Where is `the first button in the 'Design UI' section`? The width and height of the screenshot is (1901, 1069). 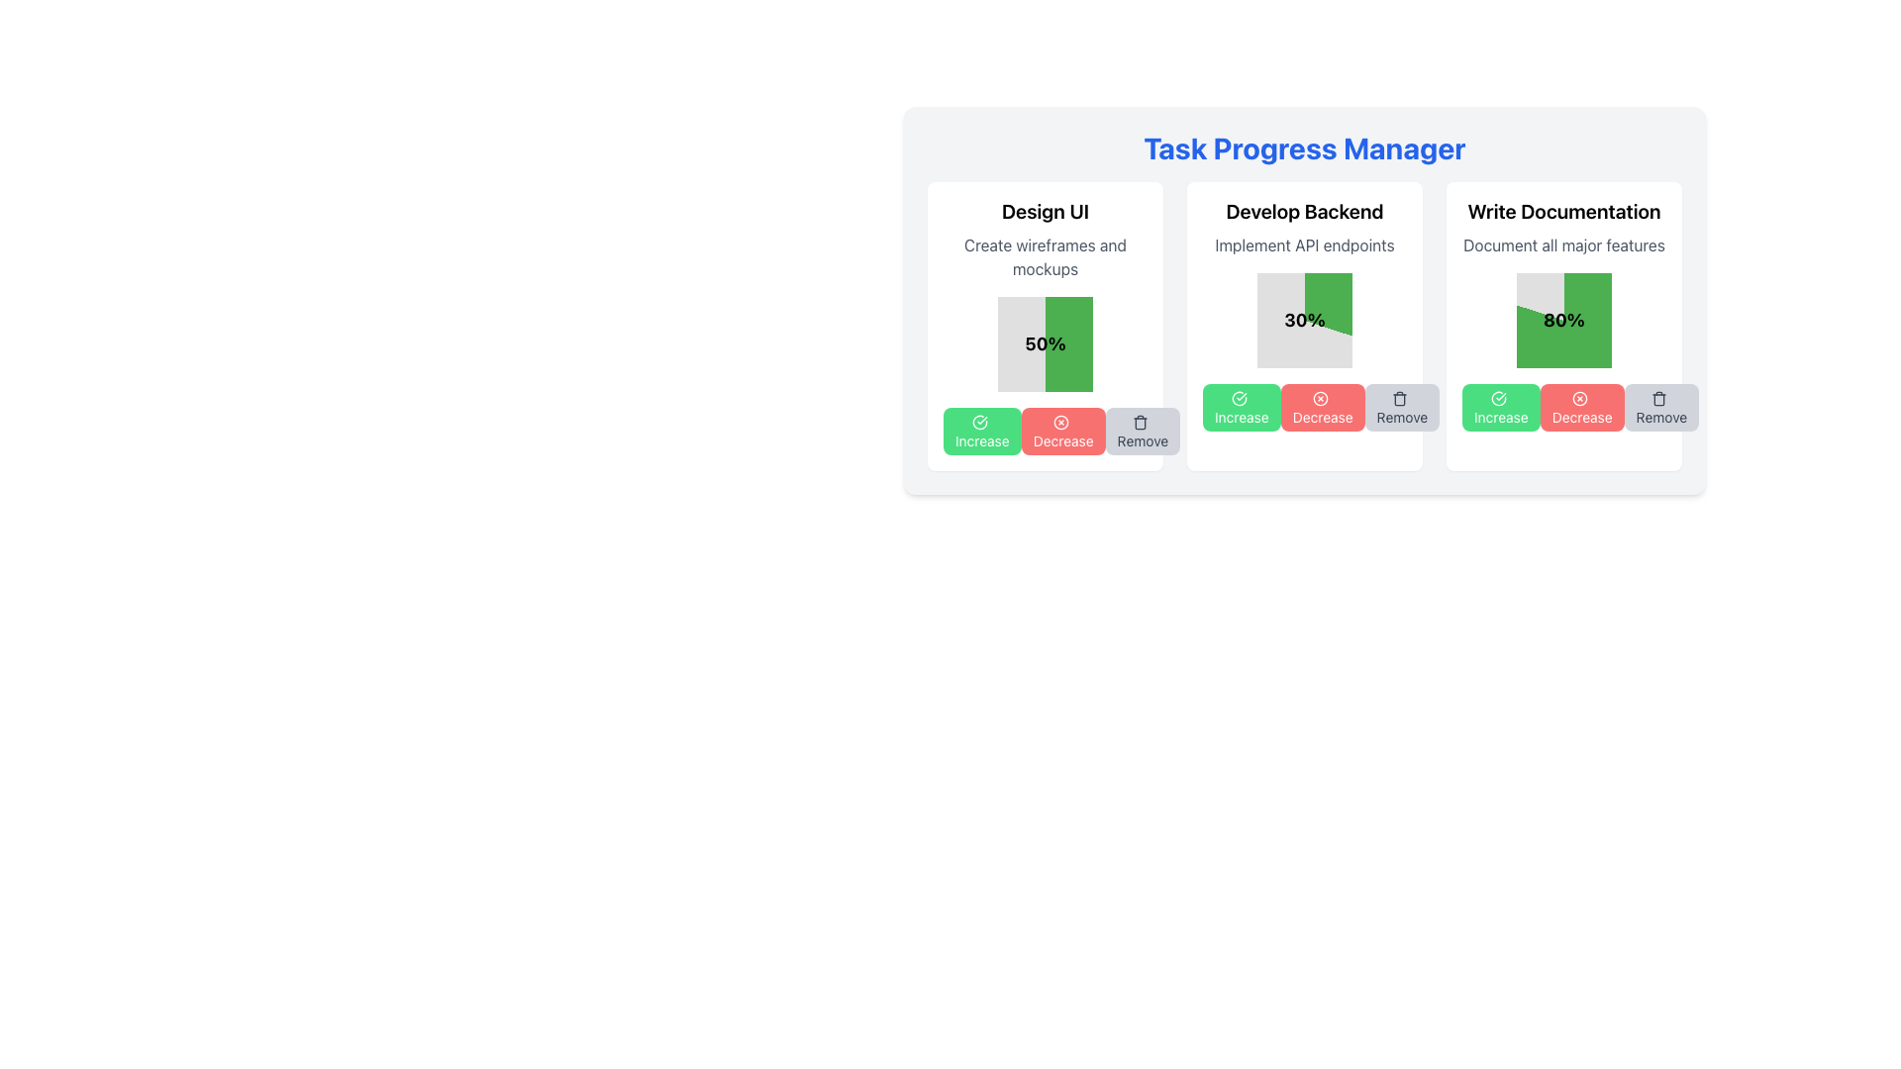
the first button in the 'Design UI' section is located at coordinates (982, 430).